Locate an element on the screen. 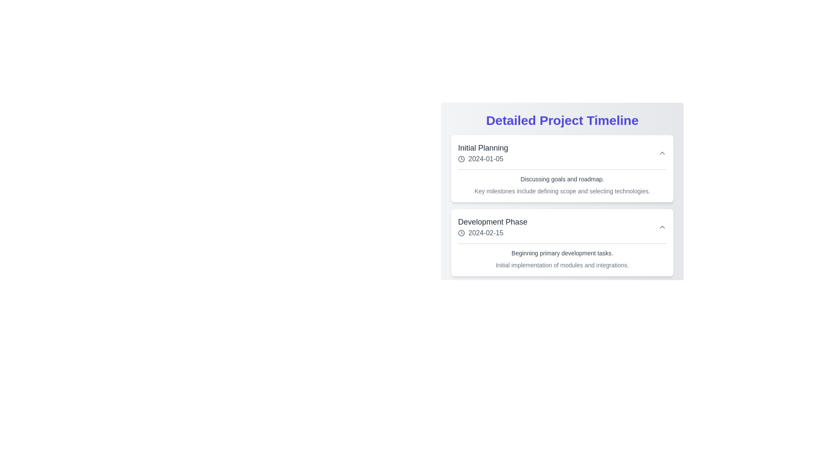 The image size is (822, 462). the text element displaying 'Key milestones include defining scope and selecting technologies.', which is styled with a smaller font size, light gray color, and light font weight, positioned below the description text in the 'Initial Planning' section of a timeline is located at coordinates (562, 191).